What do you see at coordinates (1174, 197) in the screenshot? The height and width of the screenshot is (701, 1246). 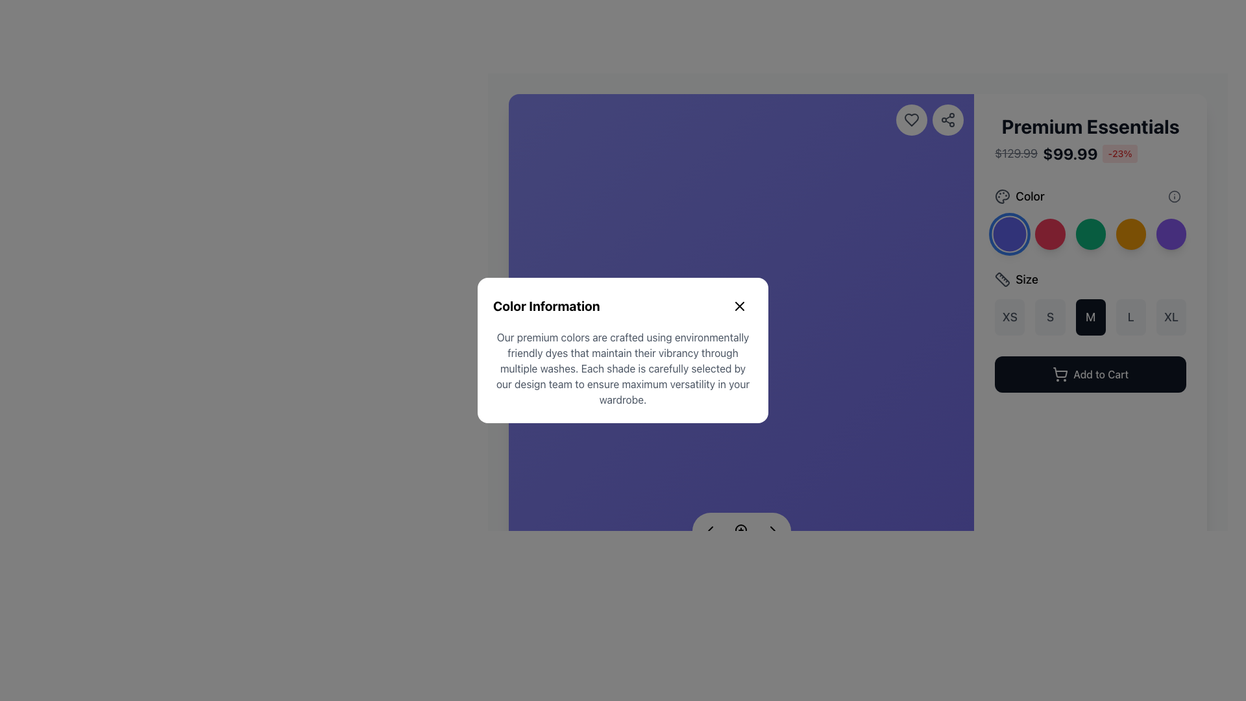 I see `the small circular icon with an outlined question mark located to the right of the 'Color' section in the color selection area` at bounding box center [1174, 197].